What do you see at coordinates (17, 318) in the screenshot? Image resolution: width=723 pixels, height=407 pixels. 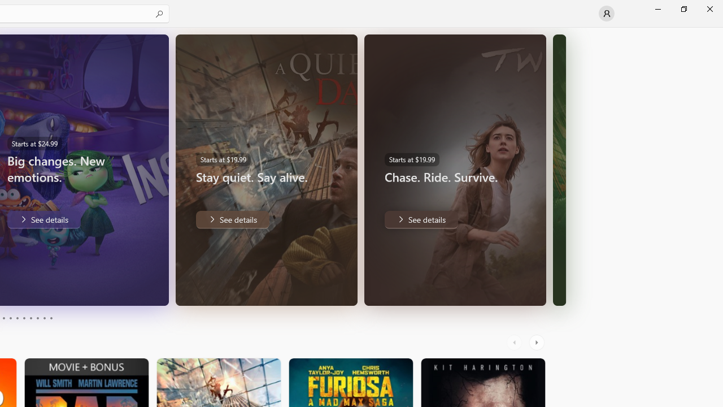 I see `'Page 5'` at bounding box center [17, 318].